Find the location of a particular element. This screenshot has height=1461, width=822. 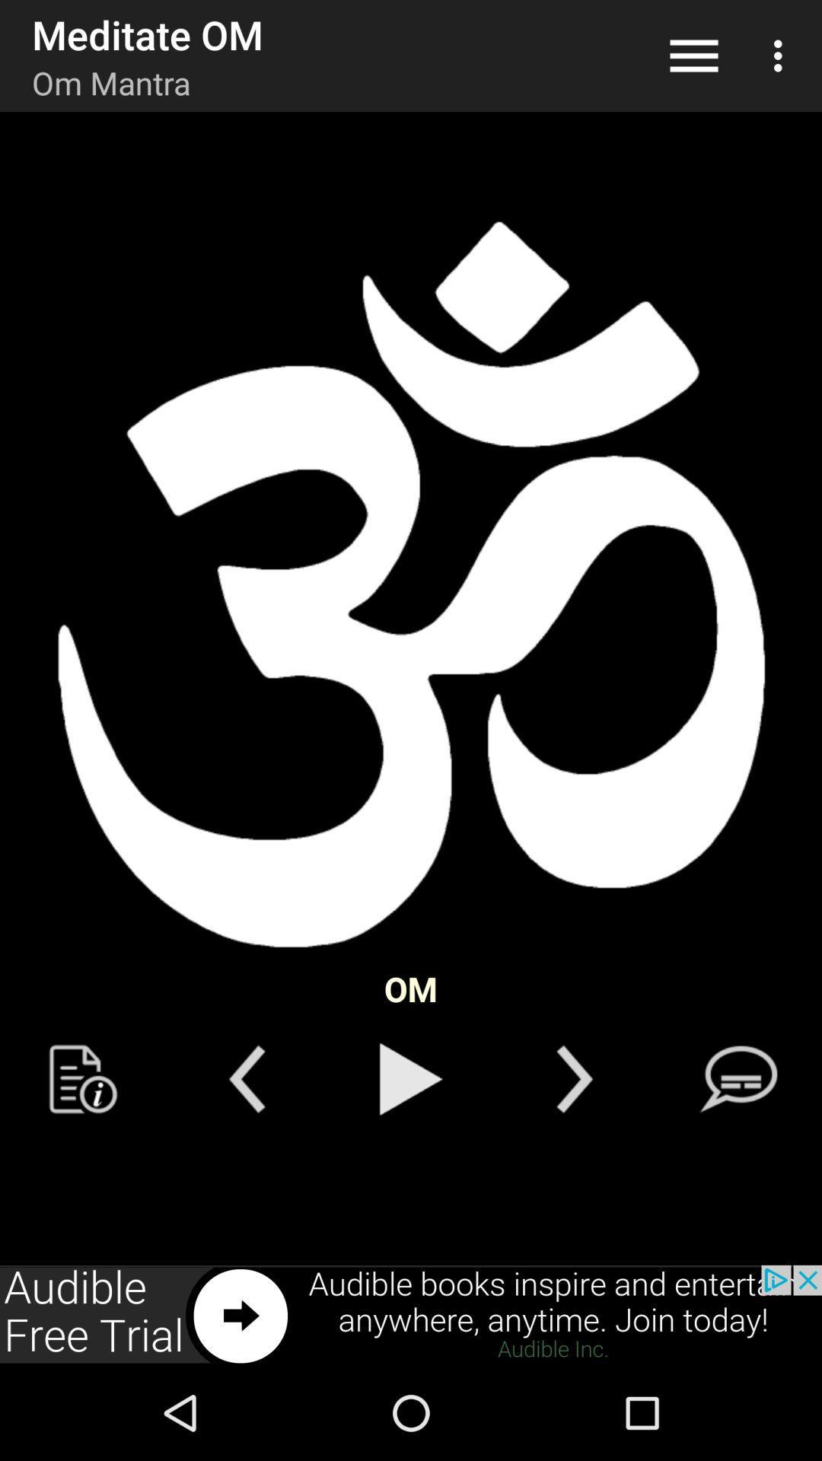

message box is located at coordinates (738, 1078).